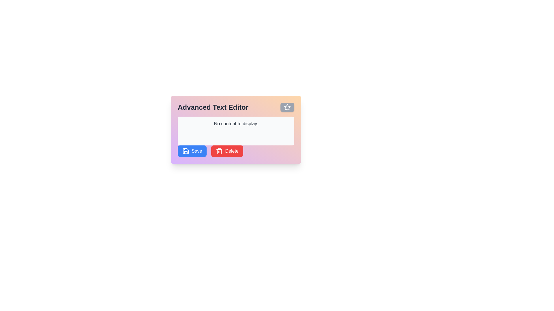 This screenshot has width=554, height=311. What do you see at coordinates (186, 151) in the screenshot?
I see `the floppy disk save icon located towards the lower-left side of the panel, which is styled with blue and white colors and is part of a group of interactive buttons including 'Delete'` at bounding box center [186, 151].